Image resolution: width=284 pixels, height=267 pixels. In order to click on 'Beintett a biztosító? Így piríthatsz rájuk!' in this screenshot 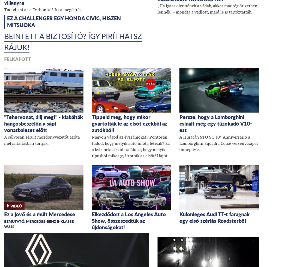, I will do `click(72, 41)`.